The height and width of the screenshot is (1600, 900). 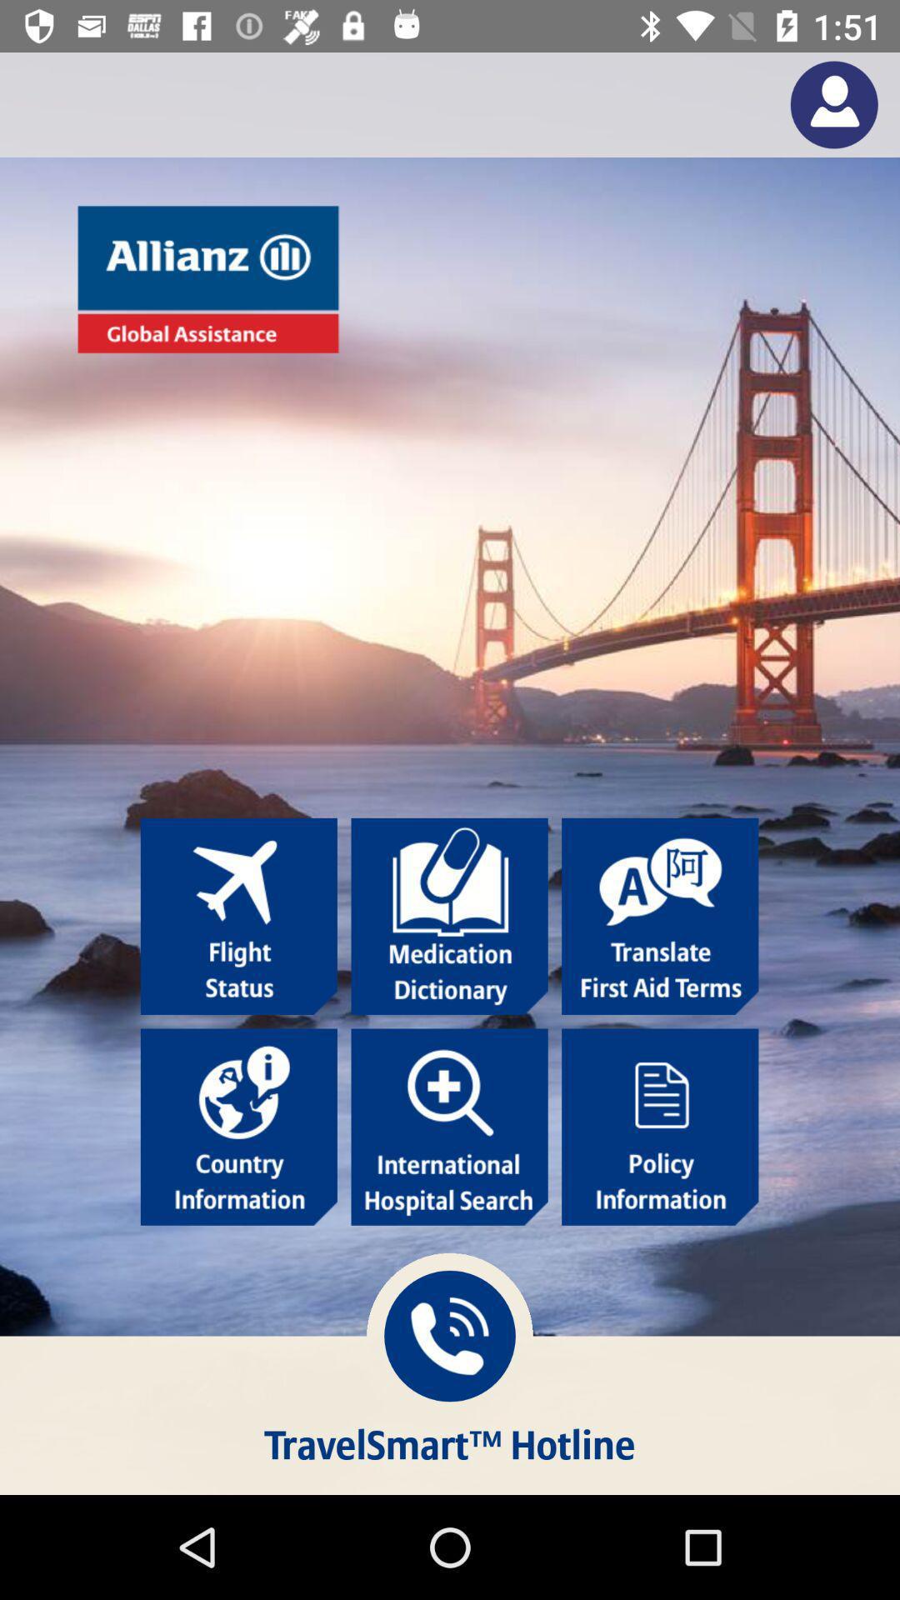 I want to click on policy information icon and button, so click(x=659, y=1127).